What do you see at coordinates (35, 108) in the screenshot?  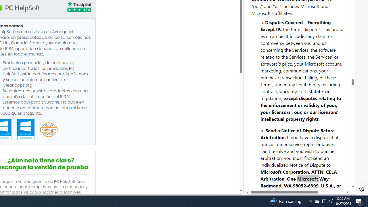 I see `'contacto'` at bounding box center [35, 108].